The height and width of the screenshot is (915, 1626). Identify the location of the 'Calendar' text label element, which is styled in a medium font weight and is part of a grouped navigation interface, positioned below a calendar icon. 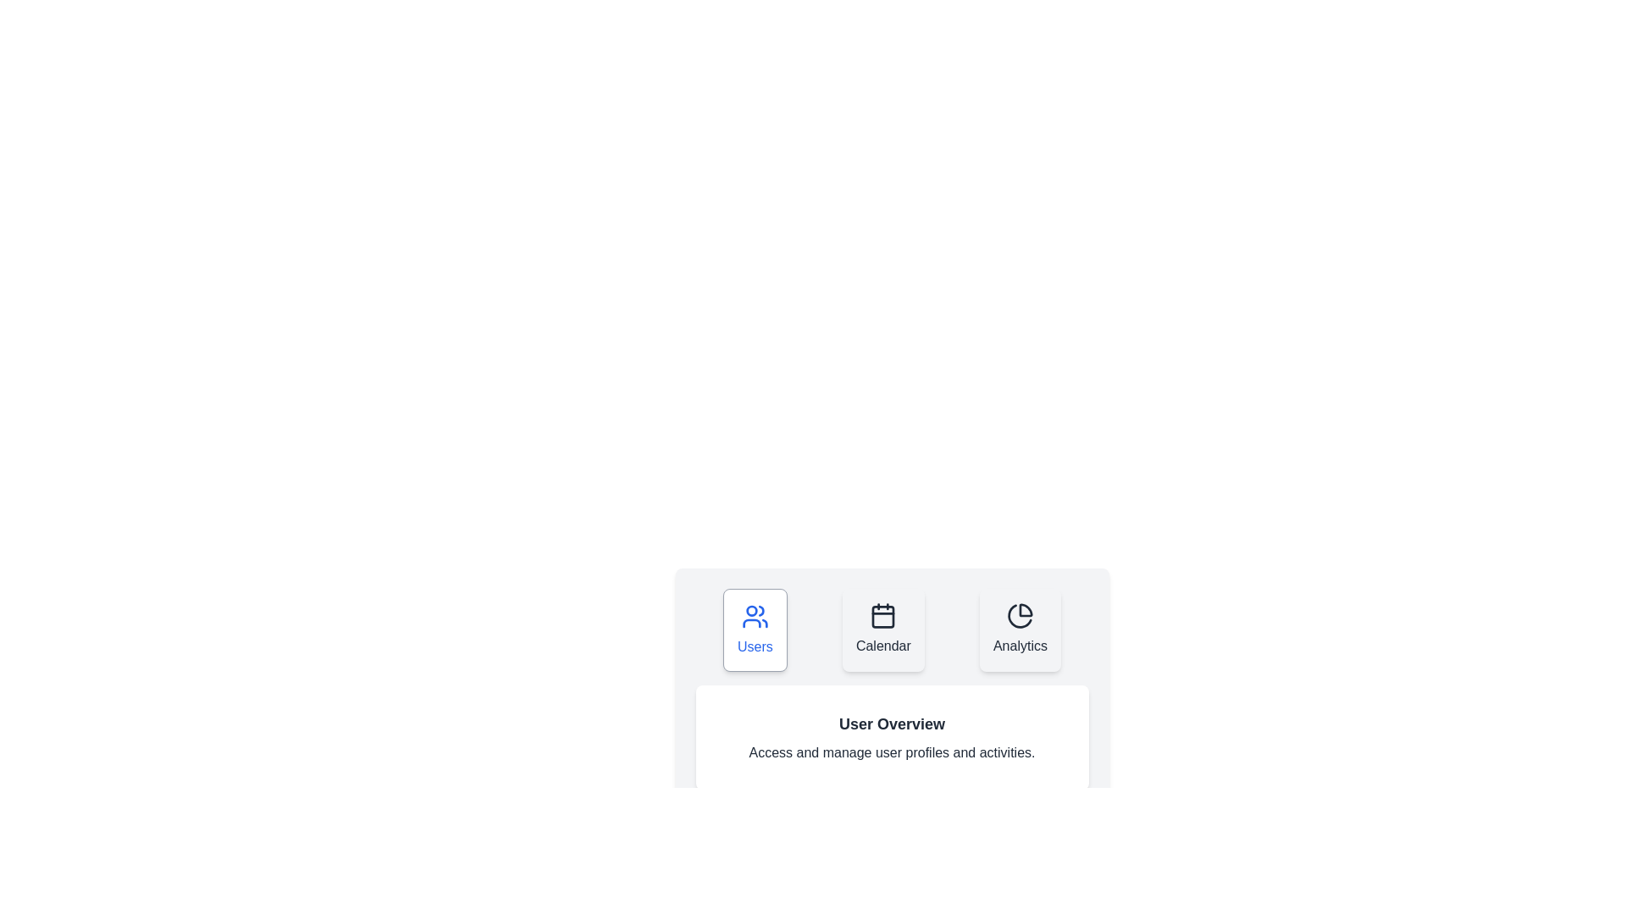
(882, 646).